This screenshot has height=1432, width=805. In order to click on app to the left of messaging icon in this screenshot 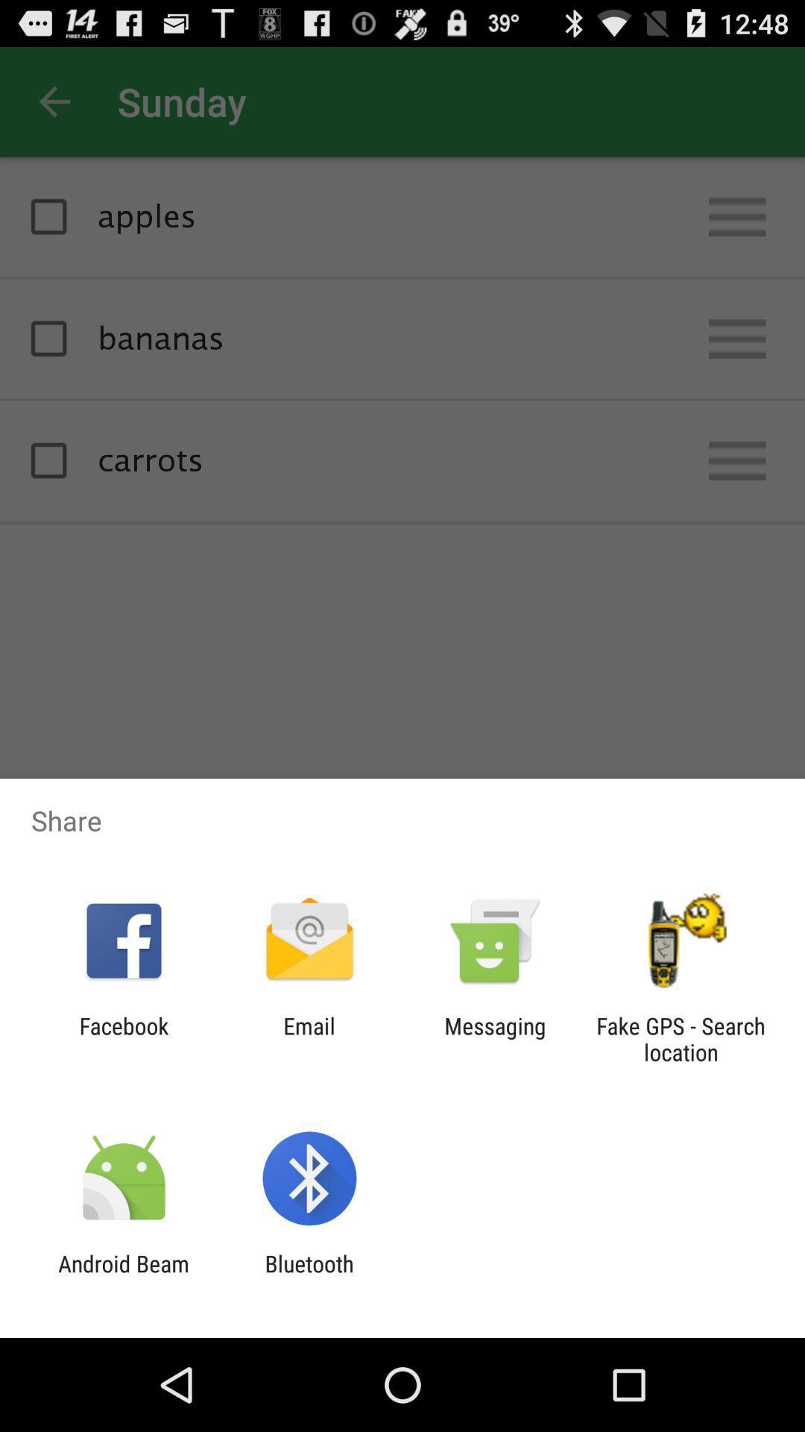, I will do `click(309, 1038)`.